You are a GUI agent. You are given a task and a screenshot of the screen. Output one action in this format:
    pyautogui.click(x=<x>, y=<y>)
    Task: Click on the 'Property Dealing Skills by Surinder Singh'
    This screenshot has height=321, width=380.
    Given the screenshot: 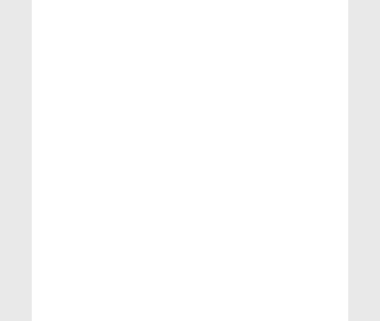 What is the action you would take?
    pyautogui.click(x=304, y=172)
    